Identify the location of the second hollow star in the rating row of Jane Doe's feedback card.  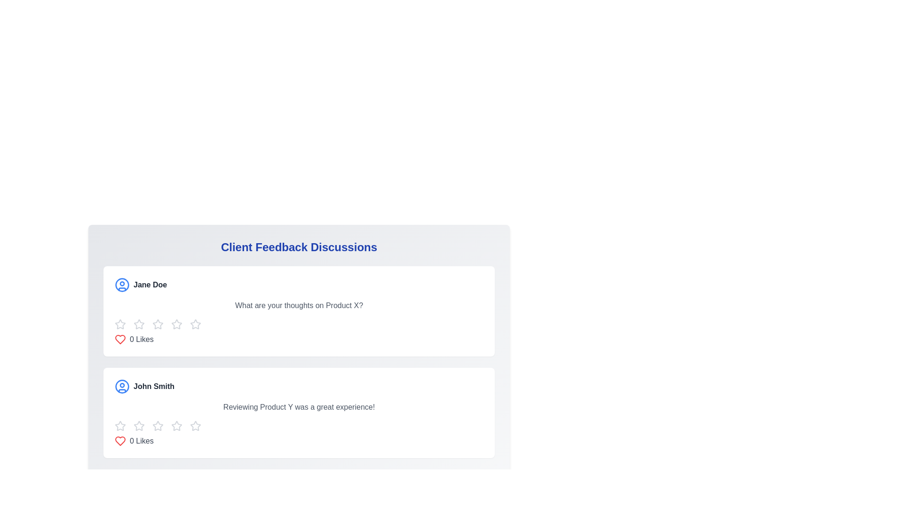
(139, 324).